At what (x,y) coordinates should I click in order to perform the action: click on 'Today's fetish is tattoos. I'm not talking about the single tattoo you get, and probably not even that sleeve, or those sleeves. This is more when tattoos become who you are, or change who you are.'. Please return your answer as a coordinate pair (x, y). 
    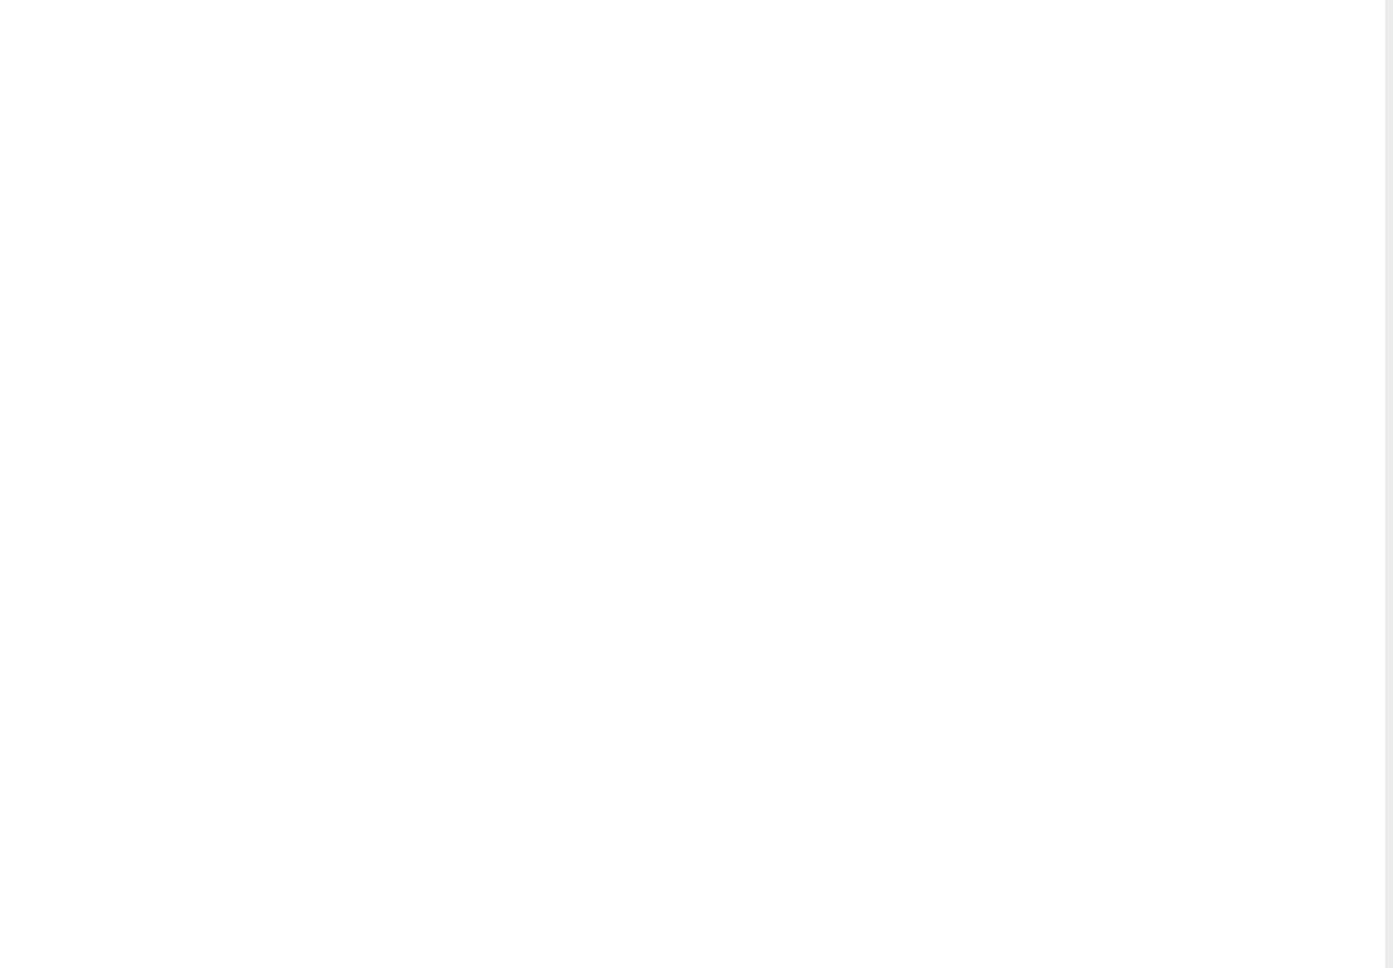
    Looking at the image, I should click on (176, 584).